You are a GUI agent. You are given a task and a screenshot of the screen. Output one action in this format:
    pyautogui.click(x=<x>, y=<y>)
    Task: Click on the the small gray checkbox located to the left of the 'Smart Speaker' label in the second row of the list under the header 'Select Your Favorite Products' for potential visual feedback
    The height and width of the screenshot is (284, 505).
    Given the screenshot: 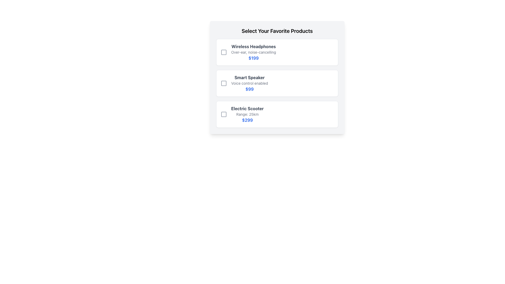 What is the action you would take?
    pyautogui.click(x=224, y=83)
    